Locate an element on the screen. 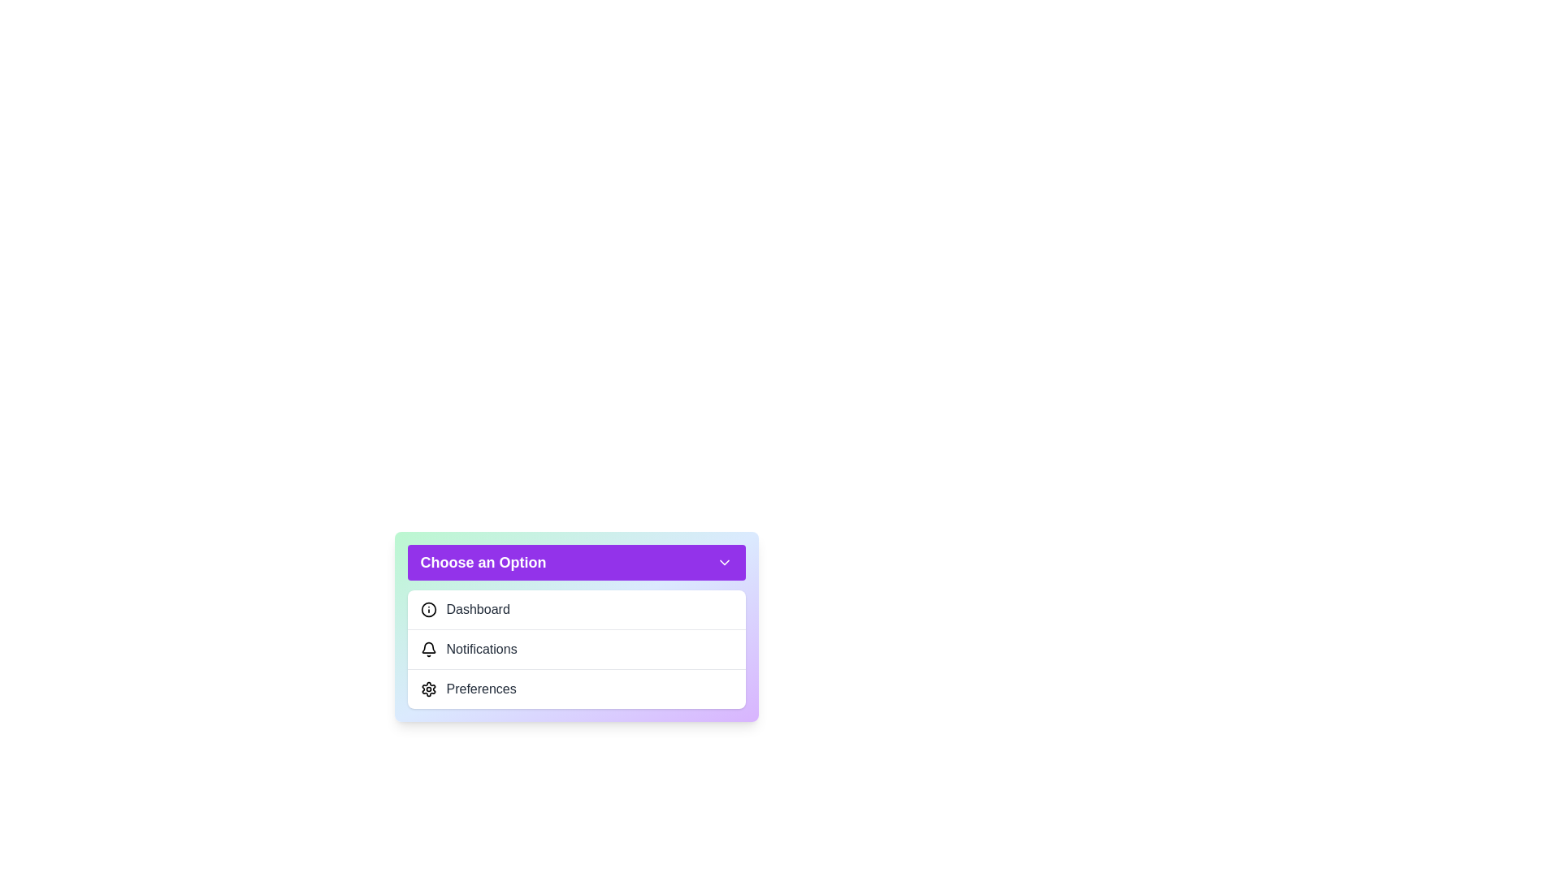 Image resolution: width=1560 pixels, height=877 pixels. the menu header to toggle the menu open or closed is located at coordinates (576, 562).